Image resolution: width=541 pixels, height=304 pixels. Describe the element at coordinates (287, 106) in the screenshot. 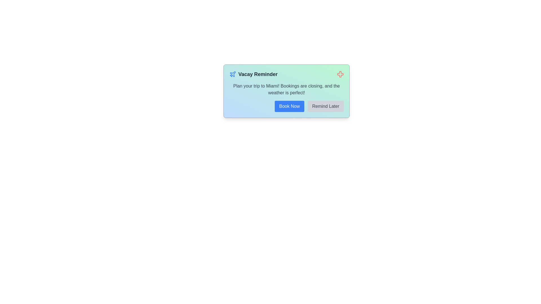

I see `the 'Book Now' button located in the lower section of the card component, below the text 'Plan your trip to Miami! Bookings are closing, and the weather is perfect!'` at that location.